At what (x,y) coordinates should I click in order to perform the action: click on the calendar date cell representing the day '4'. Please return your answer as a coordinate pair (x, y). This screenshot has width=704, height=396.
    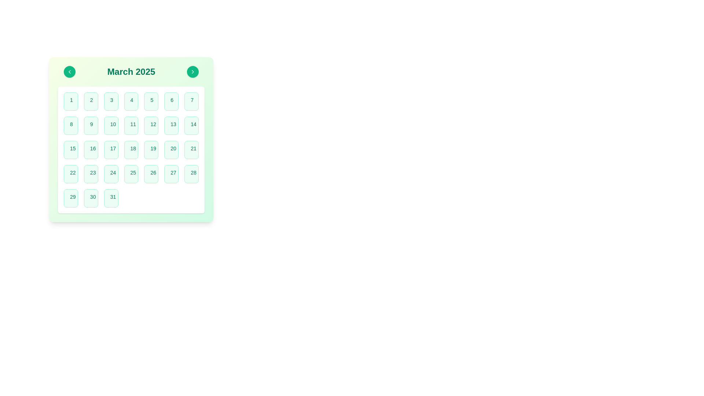
    Looking at the image, I should click on (131, 102).